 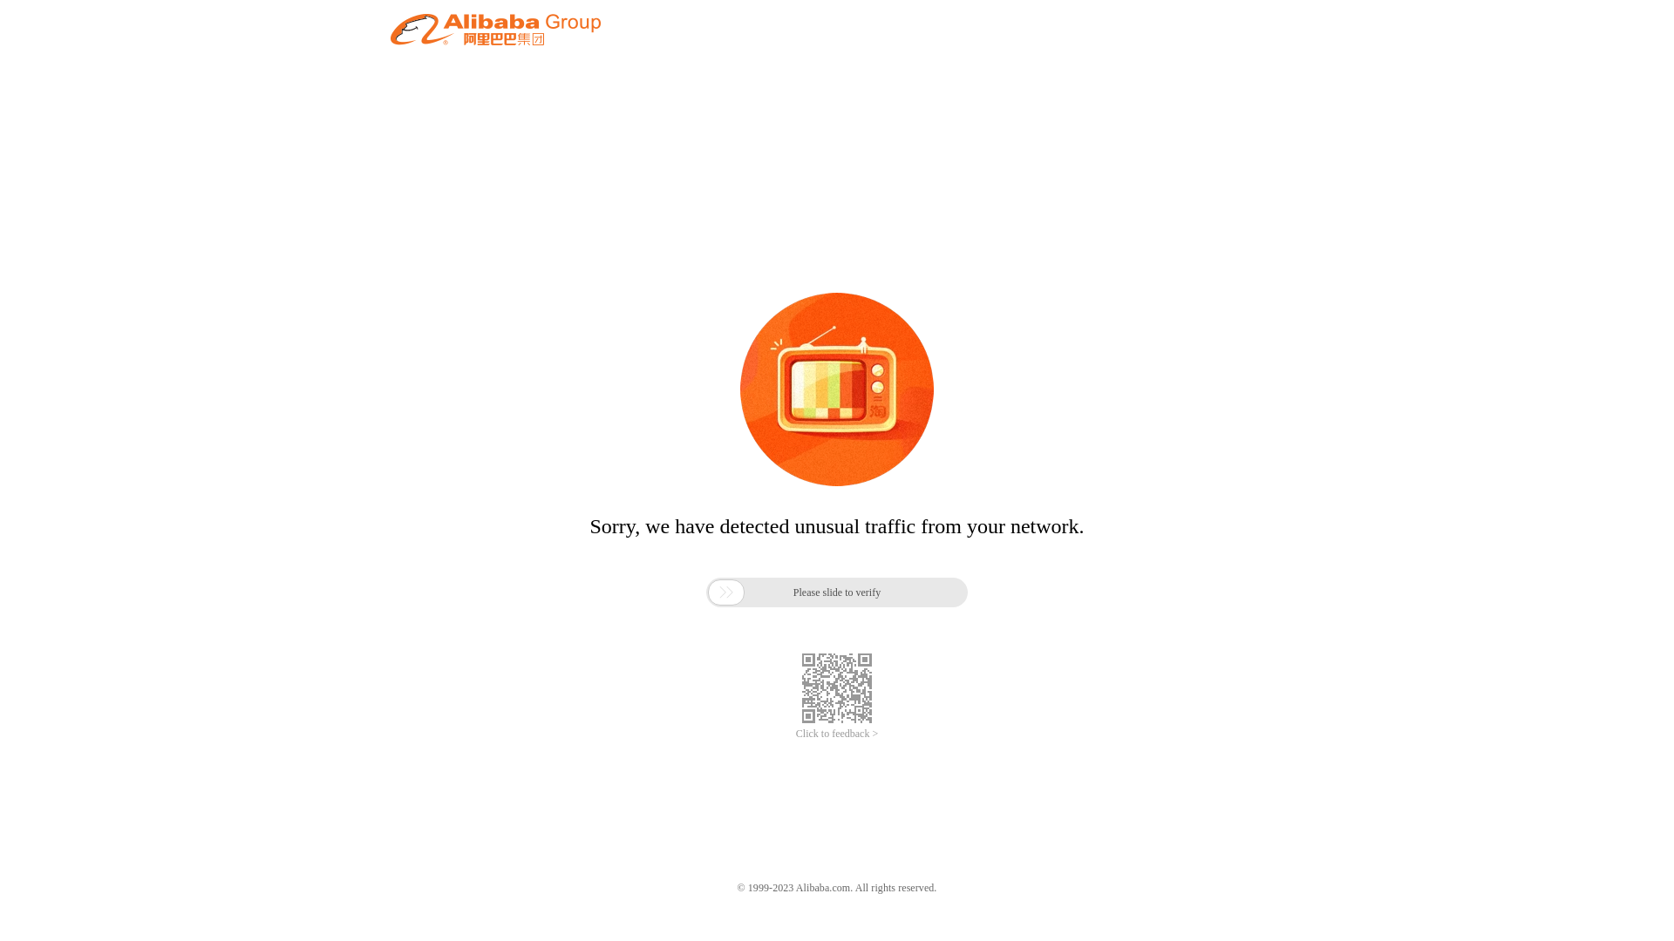 I want to click on 'Click to feedback >', so click(x=837, y=734).